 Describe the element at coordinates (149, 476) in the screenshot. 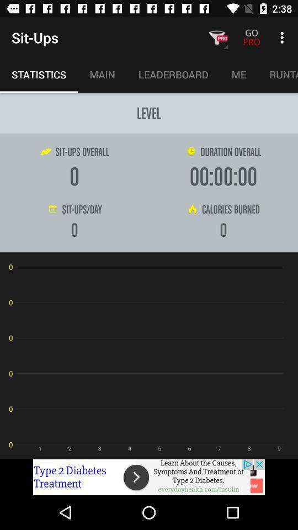

I see `this is add banner in app` at that location.